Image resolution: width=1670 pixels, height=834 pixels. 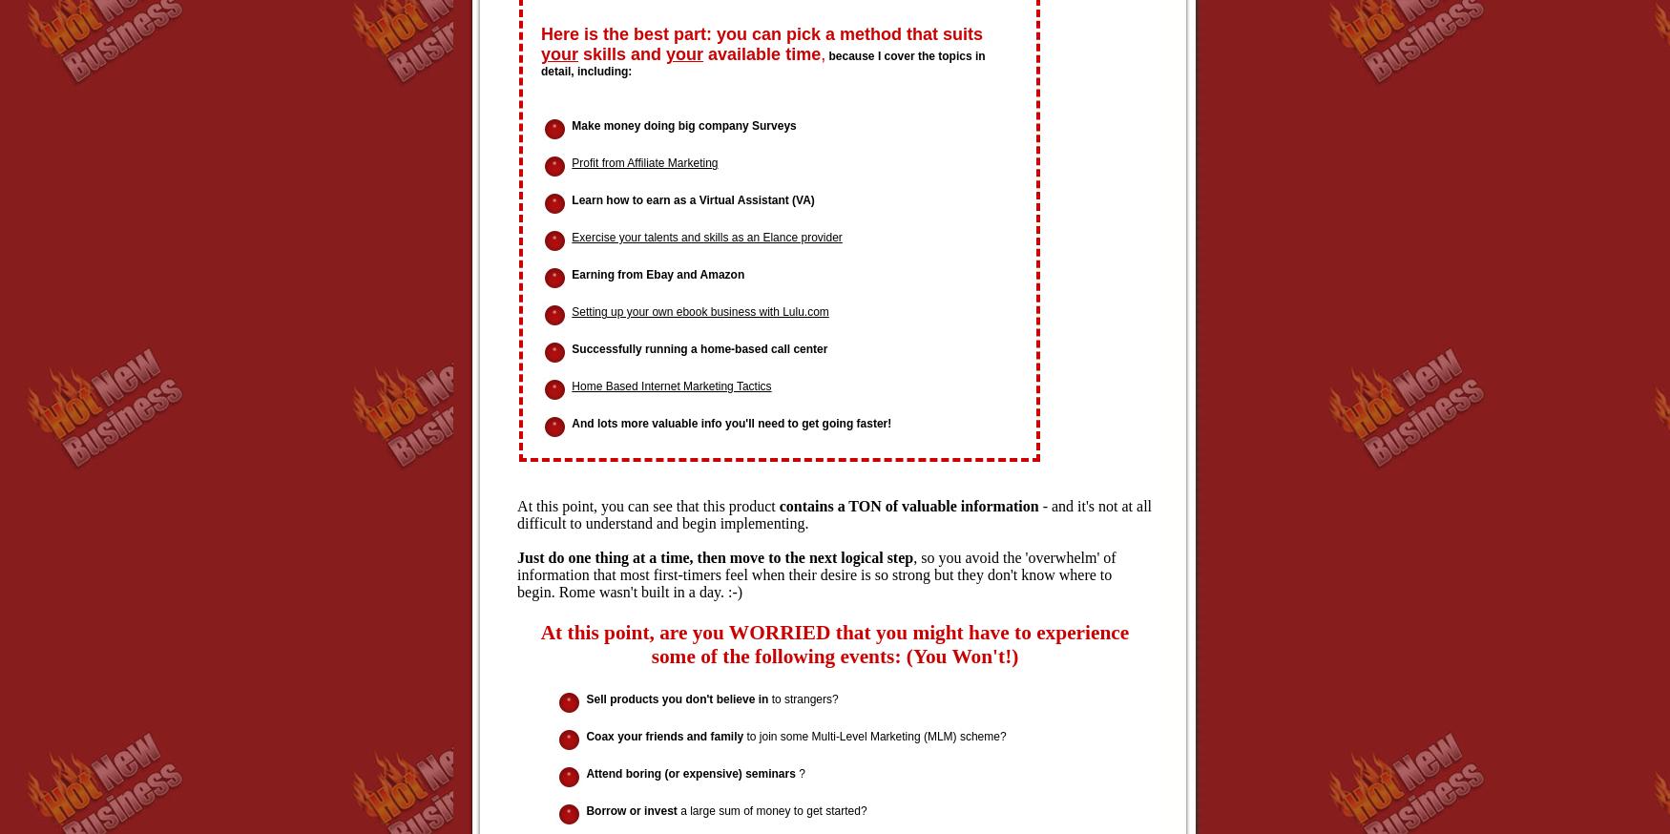 I want to click on 'contains a TON of valuable information', so click(x=908, y=506).